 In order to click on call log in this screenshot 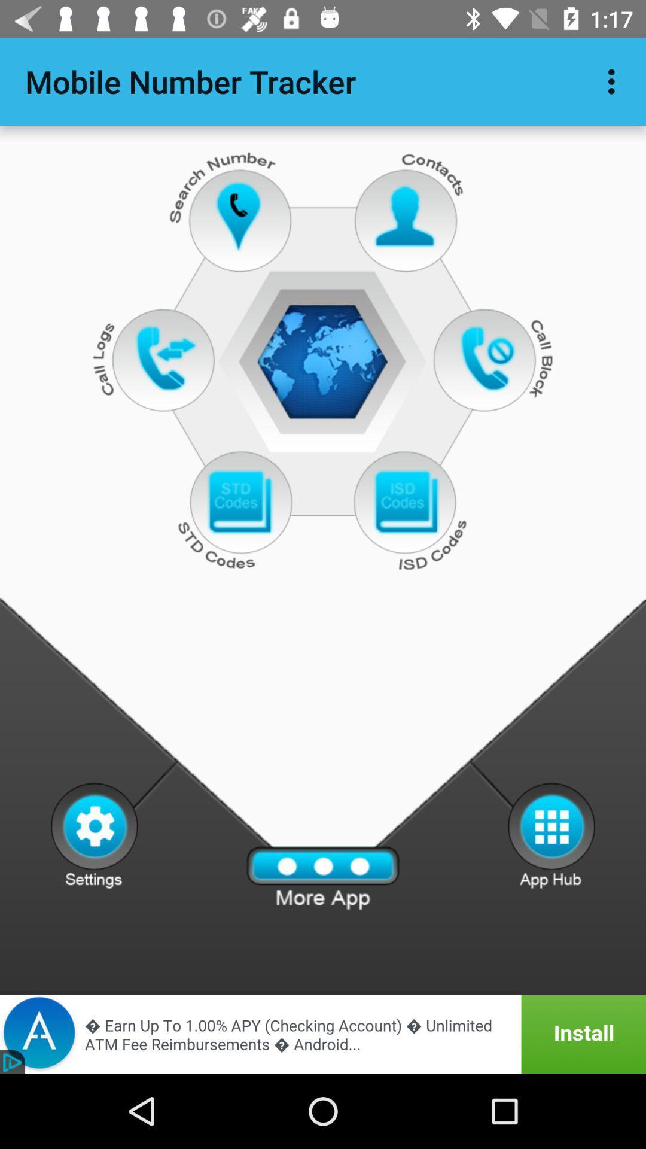, I will do `click(166, 357)`.